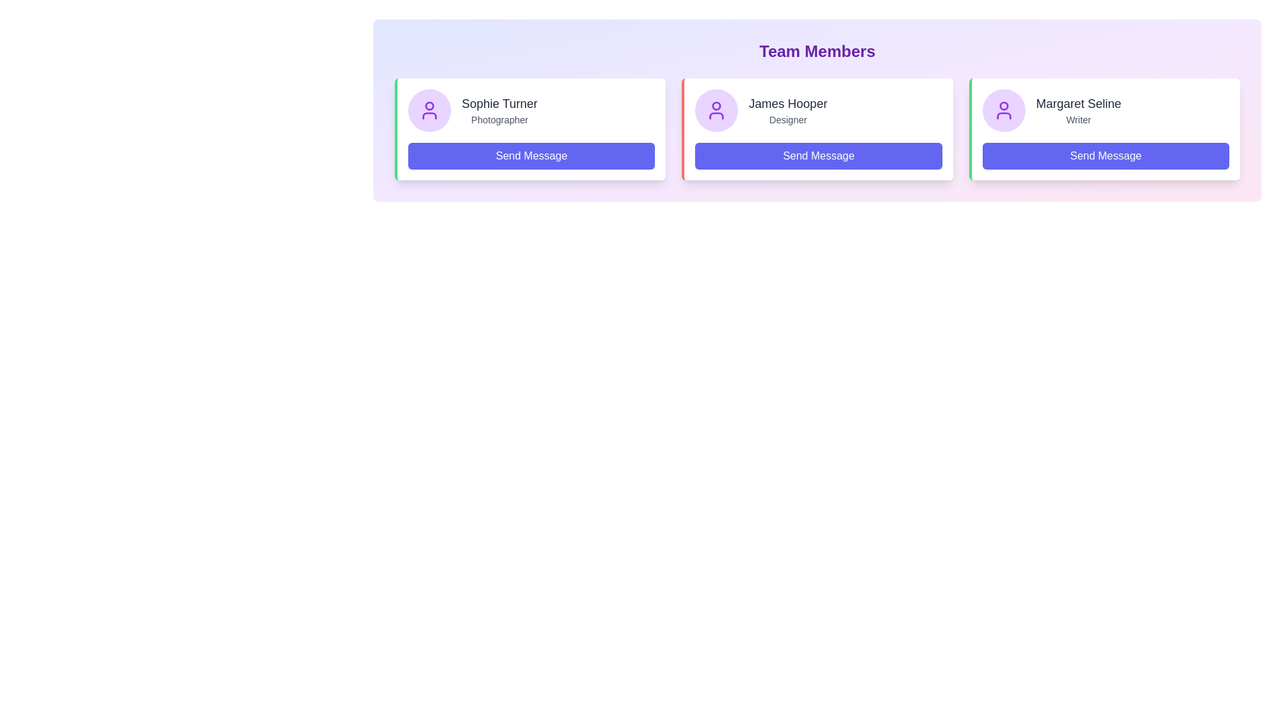  What do you see at coordinates (1003, 105) in the screenshot?
I see `the circular SVG shape representing the user's head in the profile icon for 'Margaret Seline, Writer' located on the right side of the interface` at bounding box center [1003, 105].